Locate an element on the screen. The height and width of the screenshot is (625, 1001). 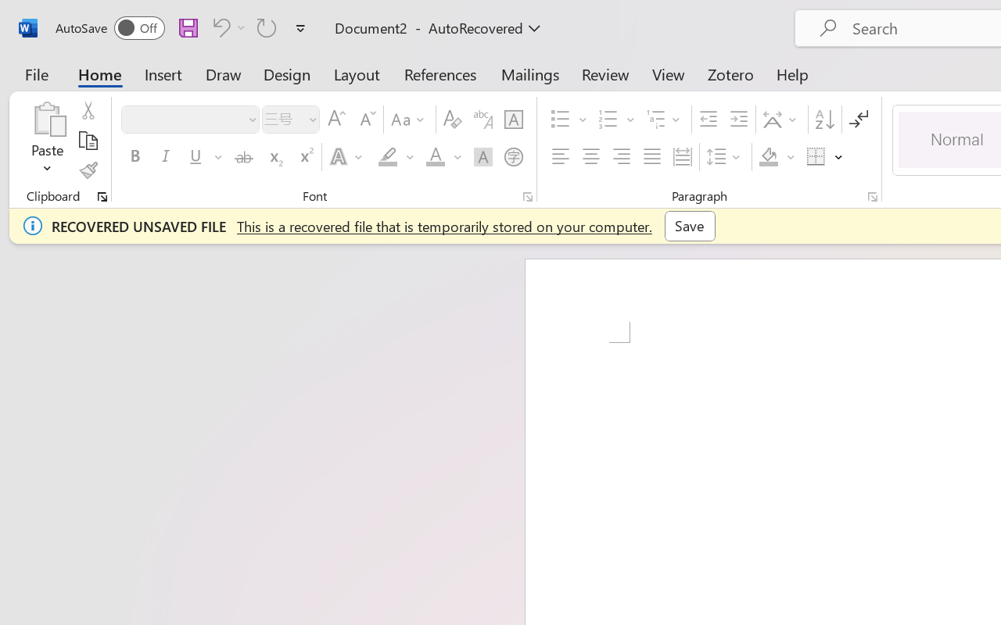
'Italic' is located at coordinates (166, 157).